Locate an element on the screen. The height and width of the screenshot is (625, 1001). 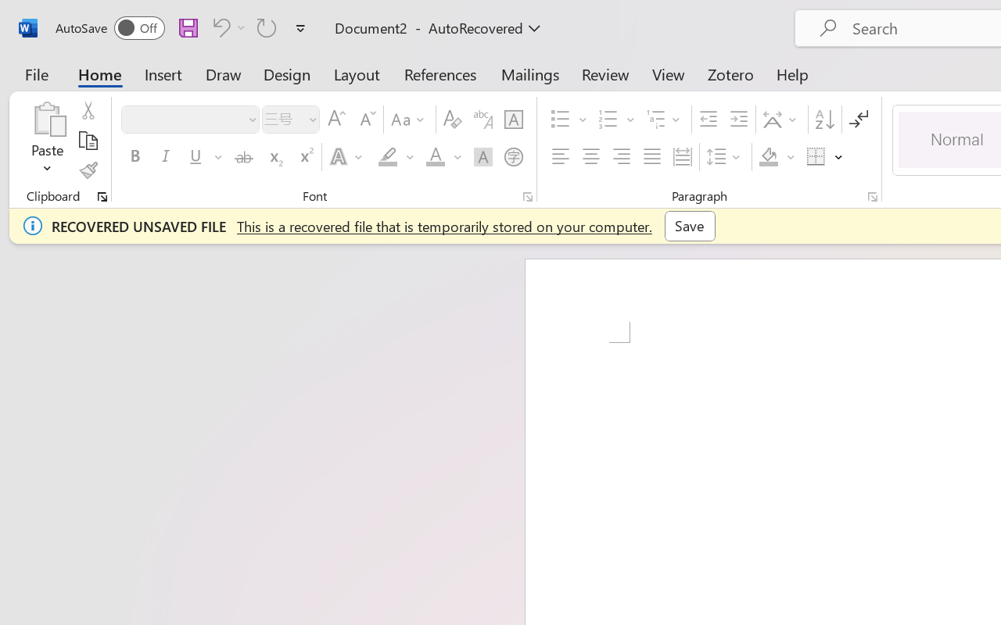
'Italic' is located at coordinates (166, 157).